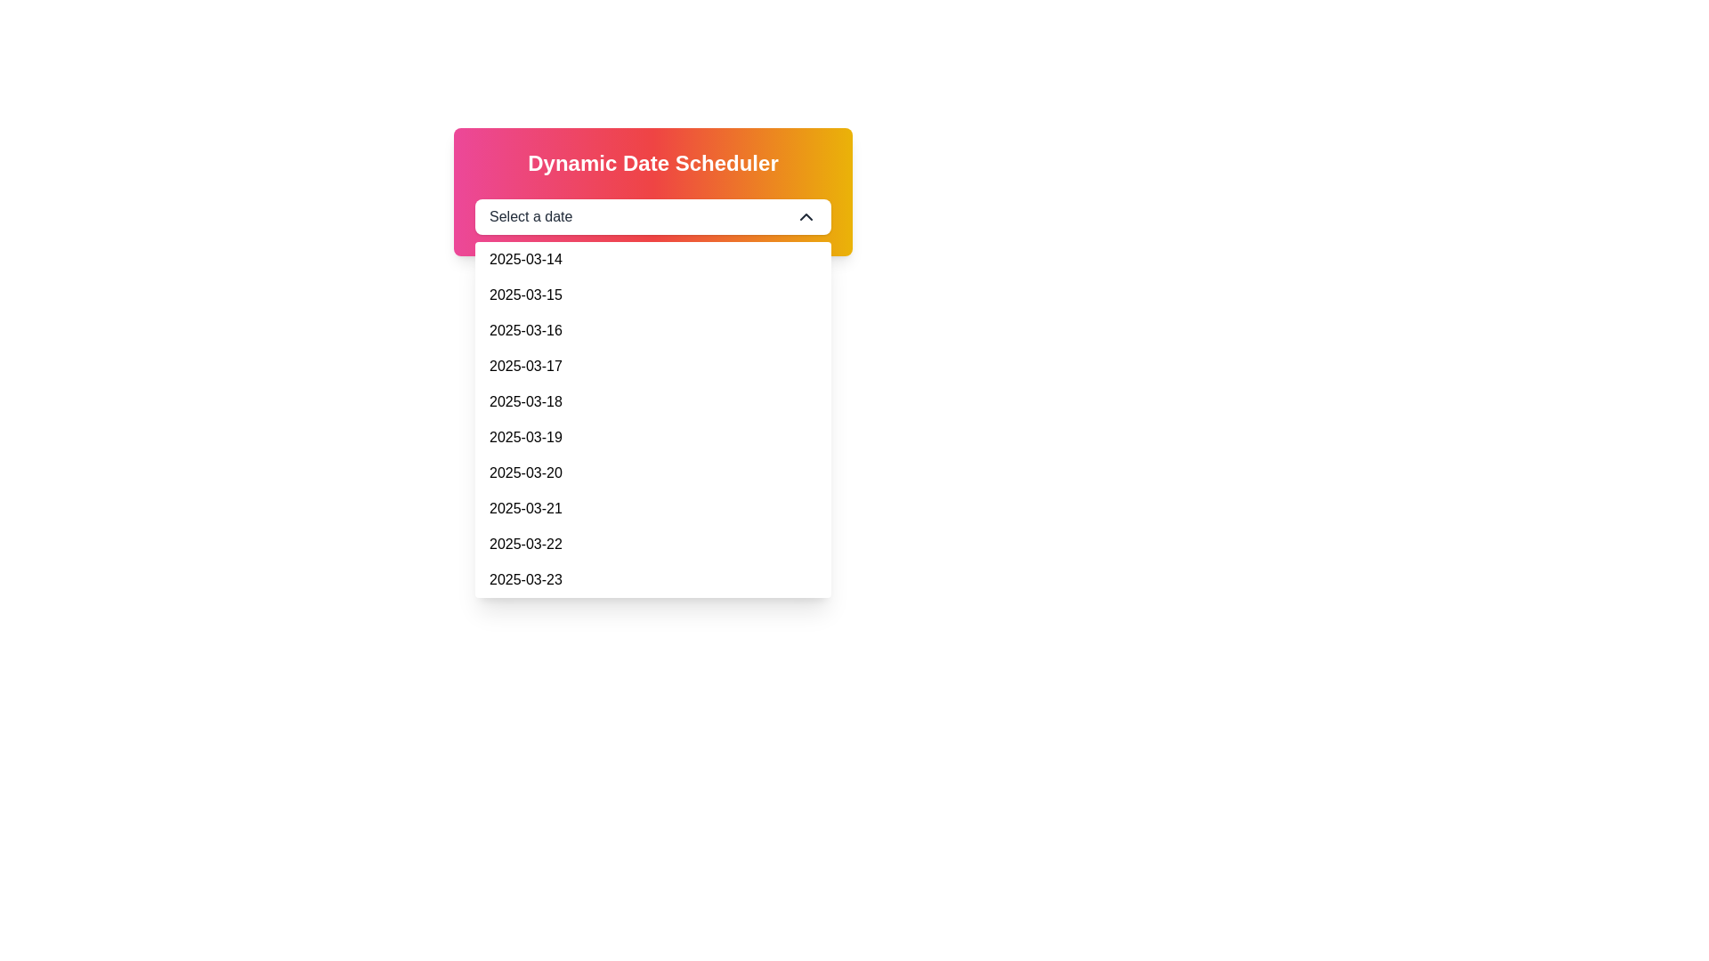  I want to click on the upward-facing chevron icon located in the top-right corner of the 'Select a date.' input field, so click(806, 215).